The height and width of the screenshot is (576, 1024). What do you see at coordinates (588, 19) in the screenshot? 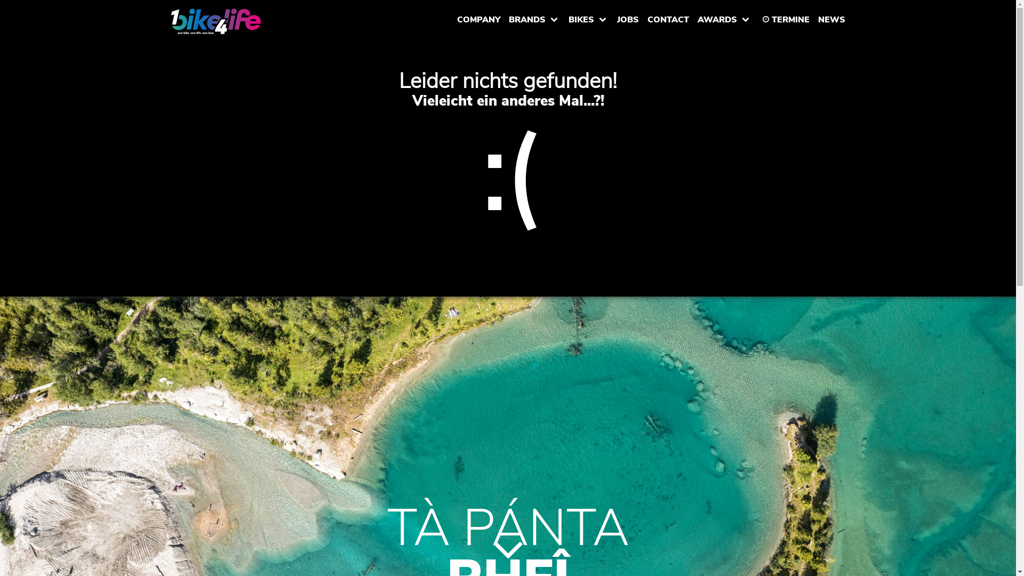
I see `'BIKES'` at bounding box center [588, 19].